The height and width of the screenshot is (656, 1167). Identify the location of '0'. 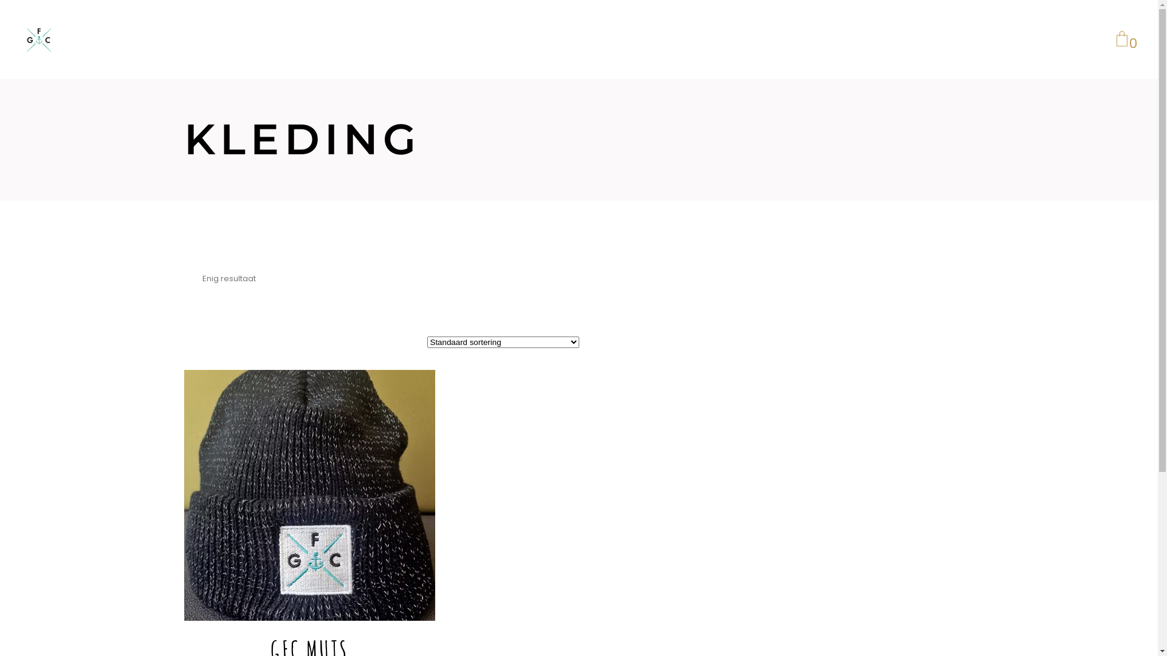
(1121, 39).